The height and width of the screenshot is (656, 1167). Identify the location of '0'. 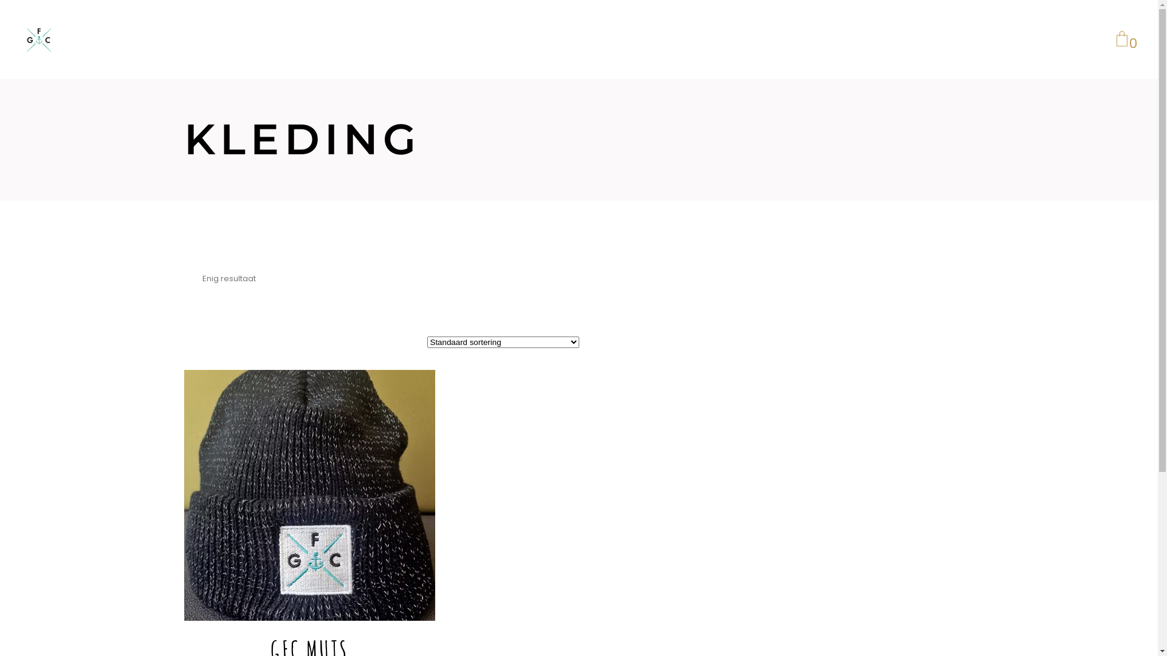
(1121, 39).